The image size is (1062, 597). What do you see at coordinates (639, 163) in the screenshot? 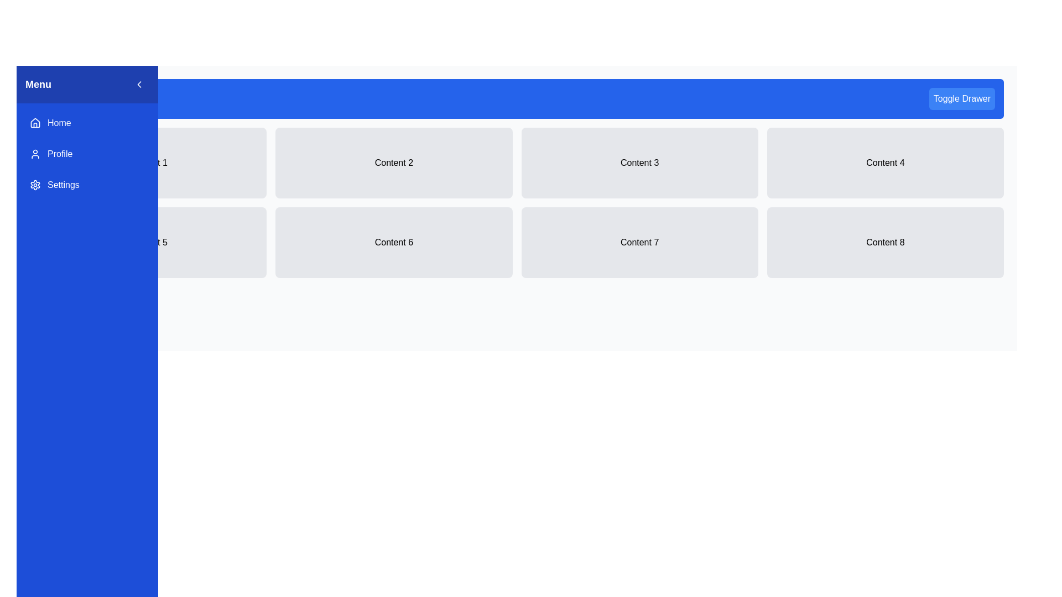
I see `the third tile in the grid layout, which visually represents a static content section and does not support user interaction` at bounding box center [639, 163].